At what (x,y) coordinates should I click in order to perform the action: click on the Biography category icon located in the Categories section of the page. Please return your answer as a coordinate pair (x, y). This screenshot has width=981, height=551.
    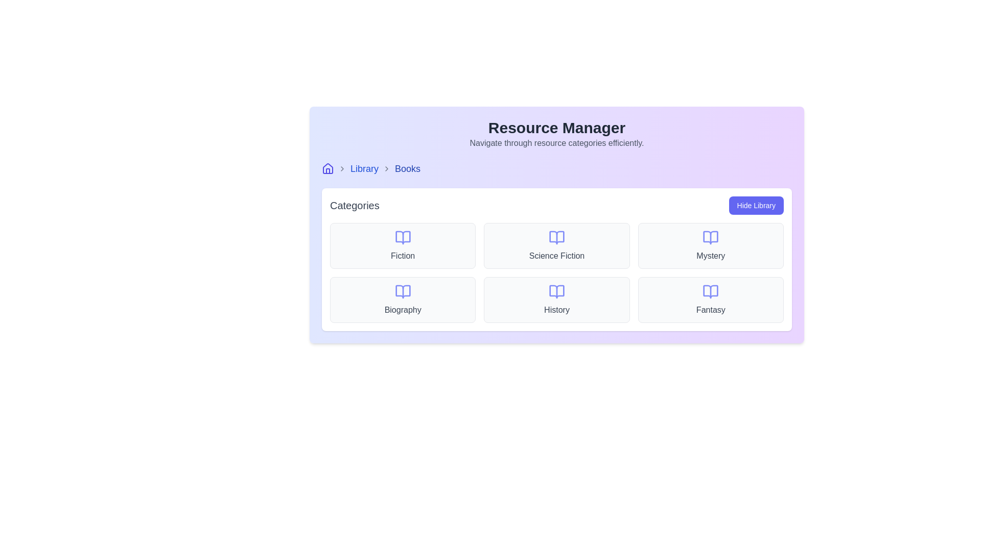
    Looking at the image, I should click on (402, 291).